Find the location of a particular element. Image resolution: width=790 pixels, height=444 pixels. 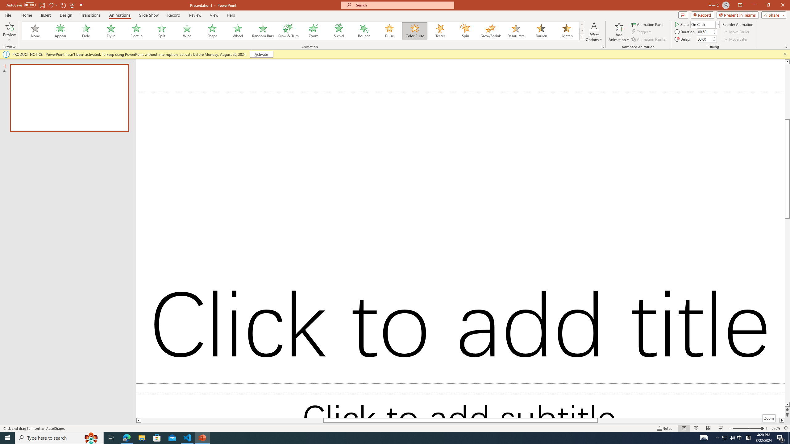

'None' is located at coordinates (35, 31).